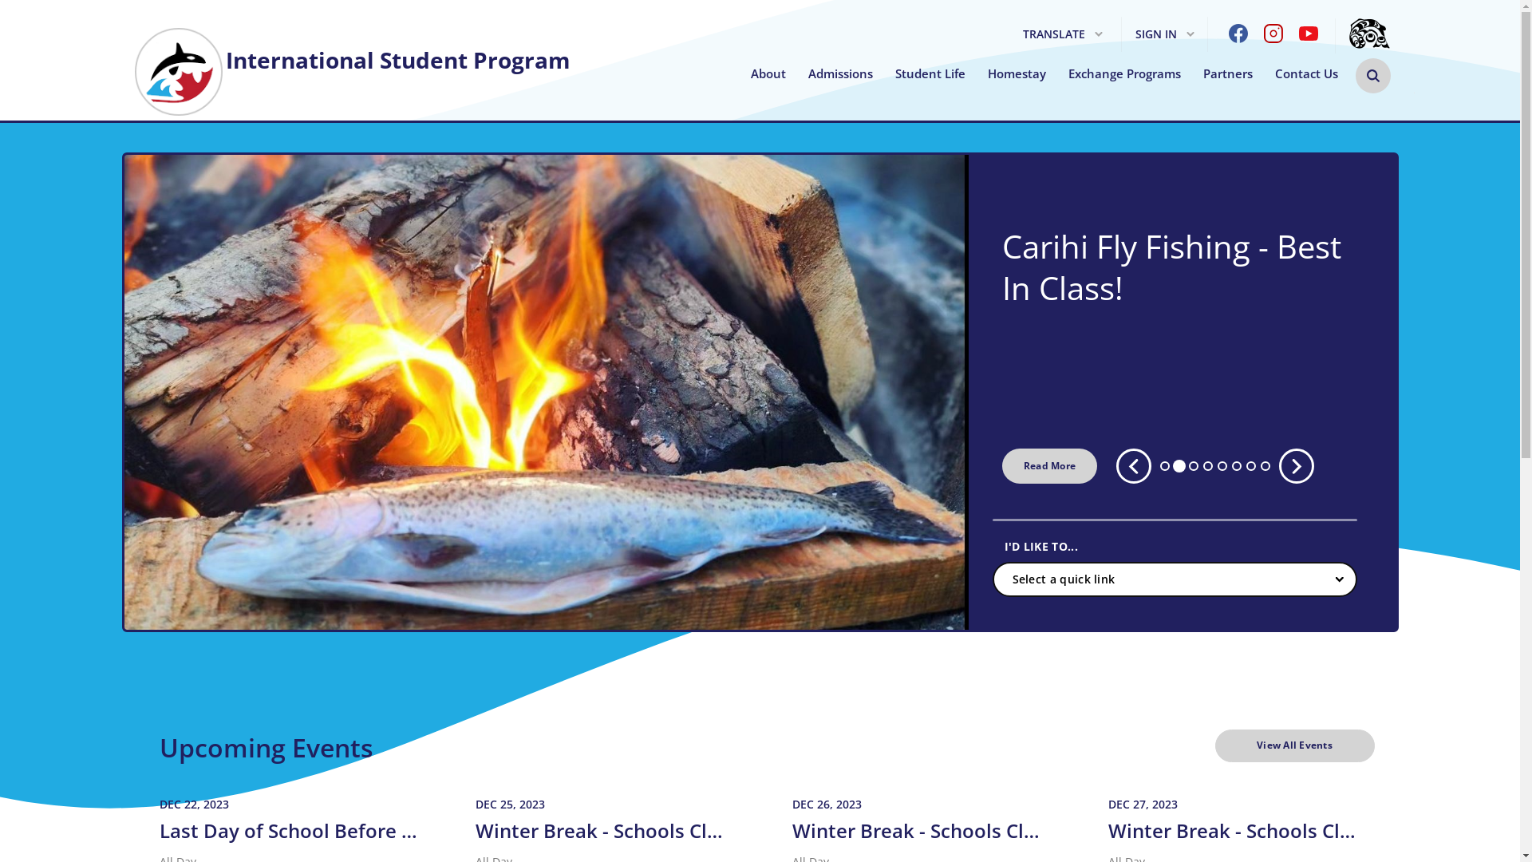 This screenshot has width=1532, height=862. What do you see at coordinates (350, 51) in the screenshot?
I see `'International Student Program'` at bounding box center [350, 51].